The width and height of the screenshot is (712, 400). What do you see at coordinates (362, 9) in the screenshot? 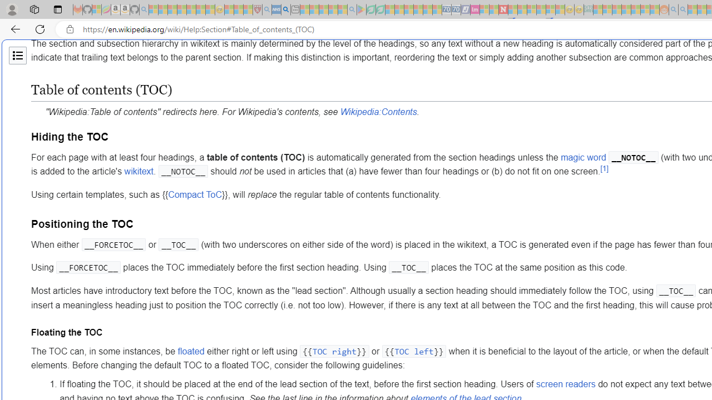
I see `'Bluey: Let'` at bounding box center [362, 9].